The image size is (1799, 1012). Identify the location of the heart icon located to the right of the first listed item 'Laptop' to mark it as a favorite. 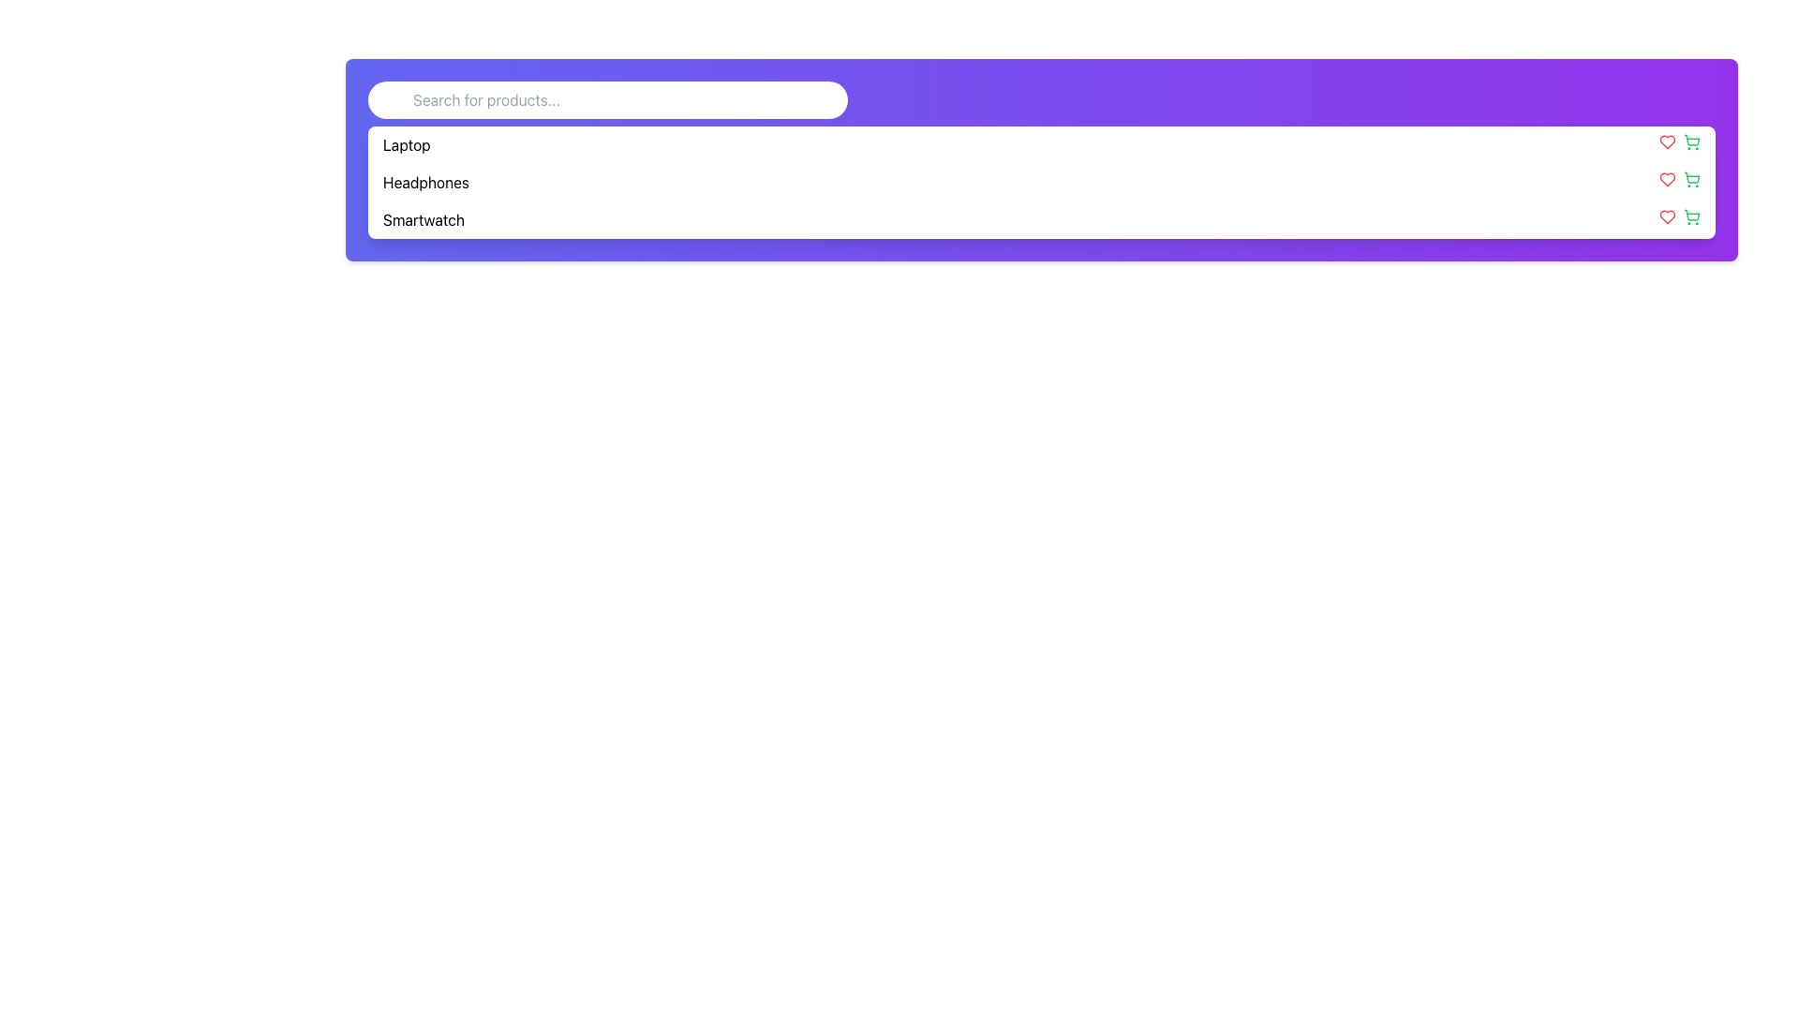
(1668, 141).